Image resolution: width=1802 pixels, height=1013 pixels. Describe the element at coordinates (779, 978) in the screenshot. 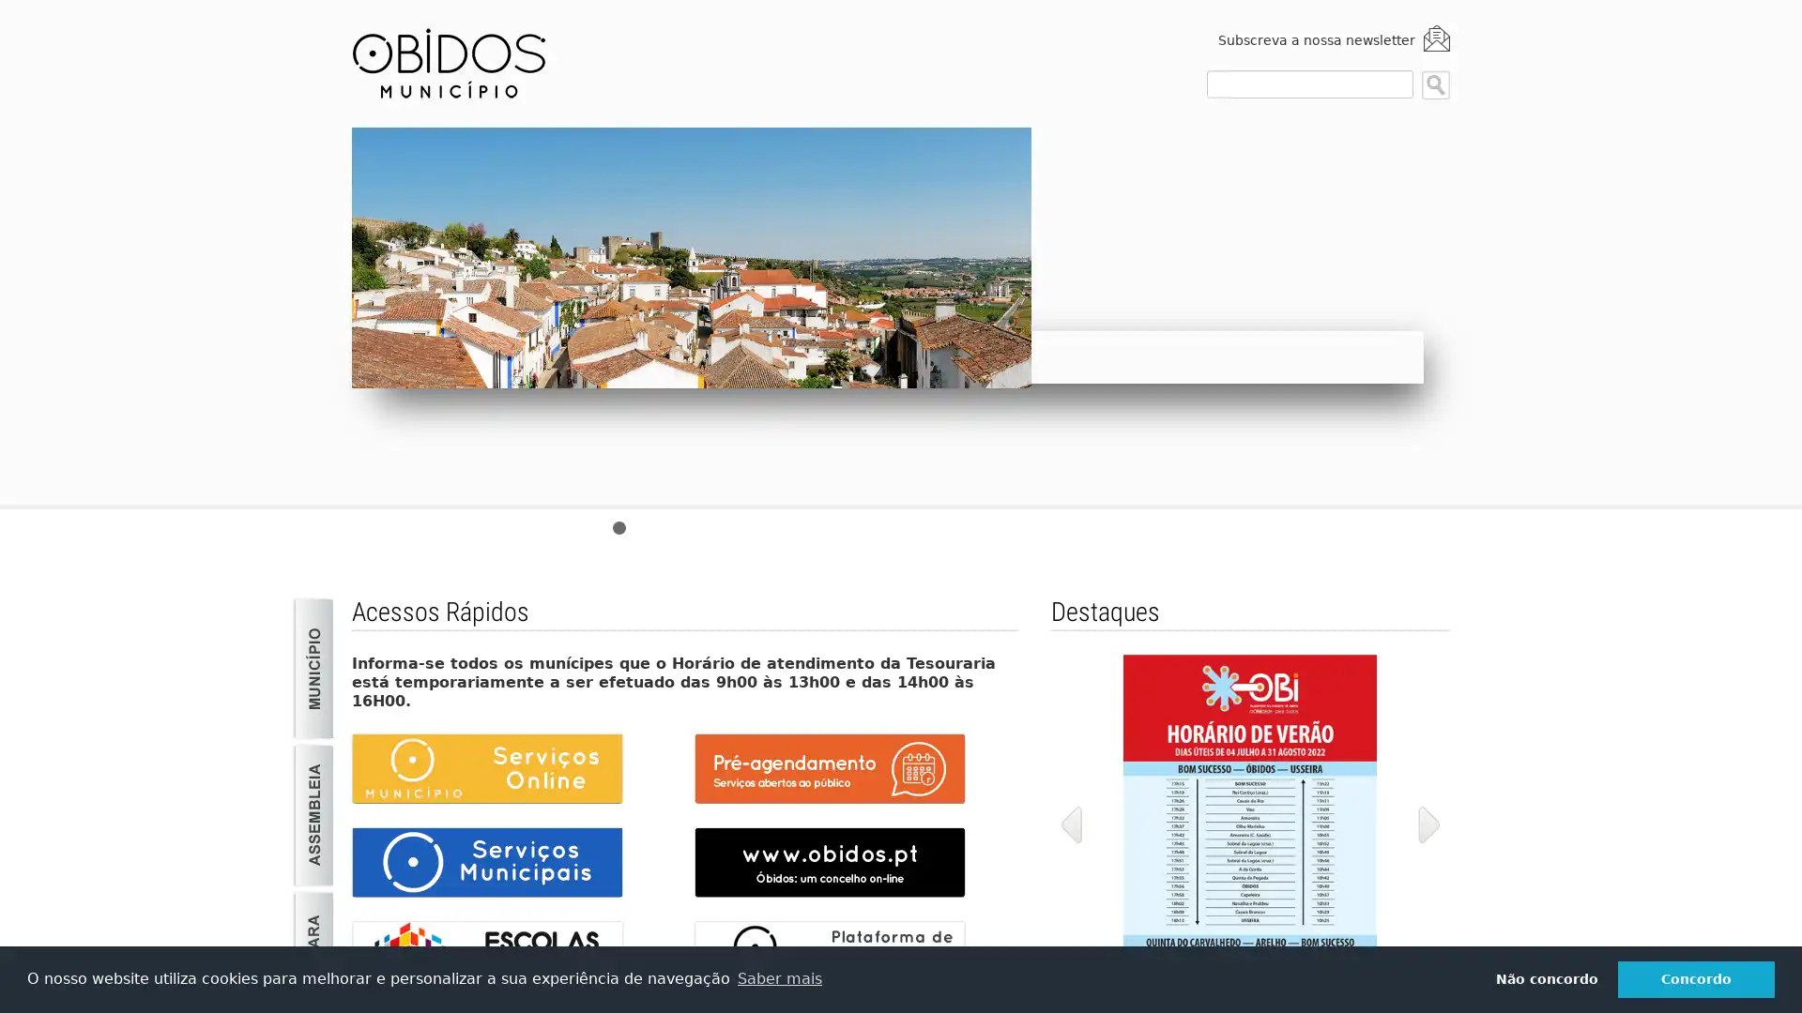

I see `learn more about cookies` at that location.